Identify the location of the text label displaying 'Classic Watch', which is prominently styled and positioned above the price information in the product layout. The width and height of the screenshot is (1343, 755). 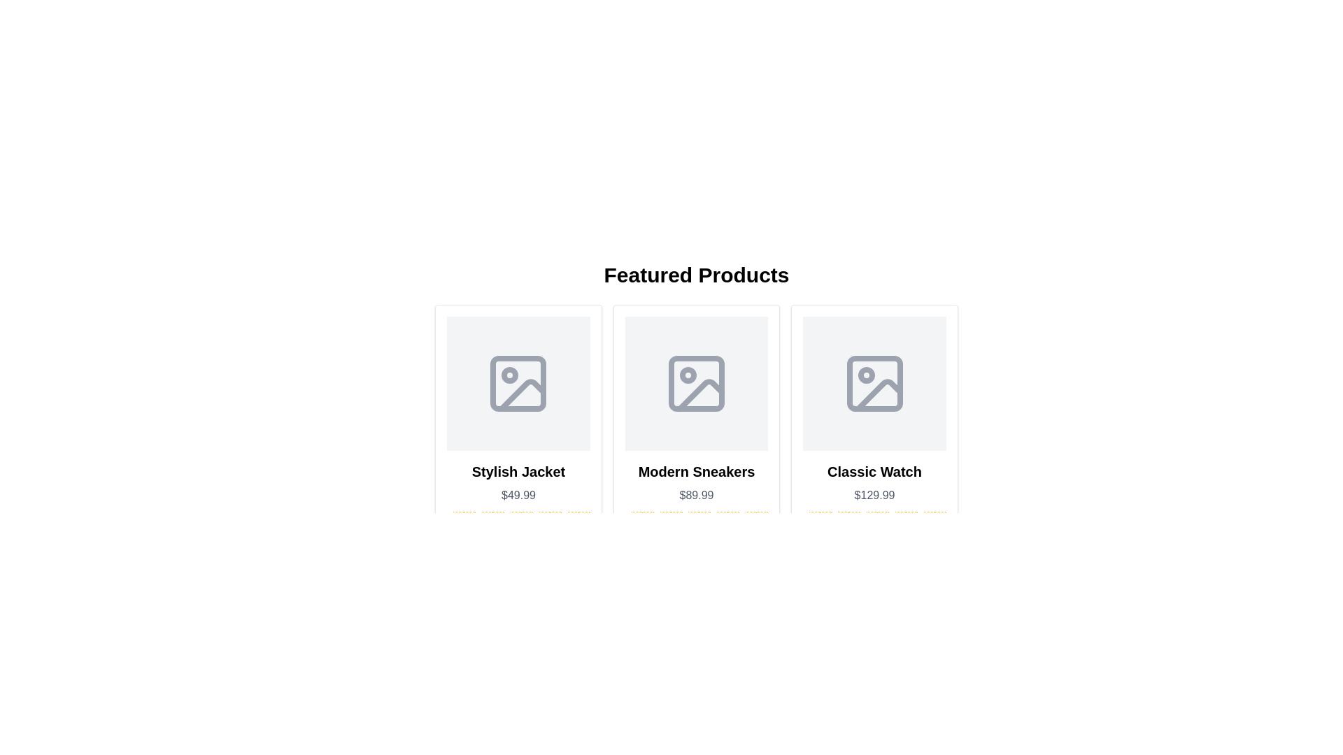
(874, 472).